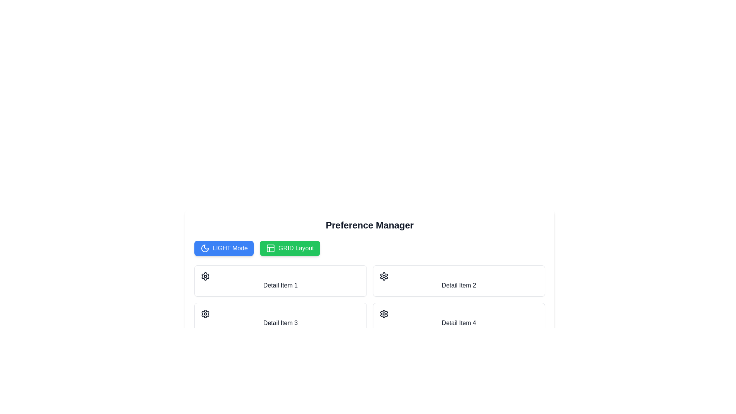  What do you see at coordinates (205, 248) in the screenshot?
I see `the crescent moon-shaped icon located in the top-left portion of the interface, adjacent to the 'LIGHT Mode' button` at bounding box center [205, 248].